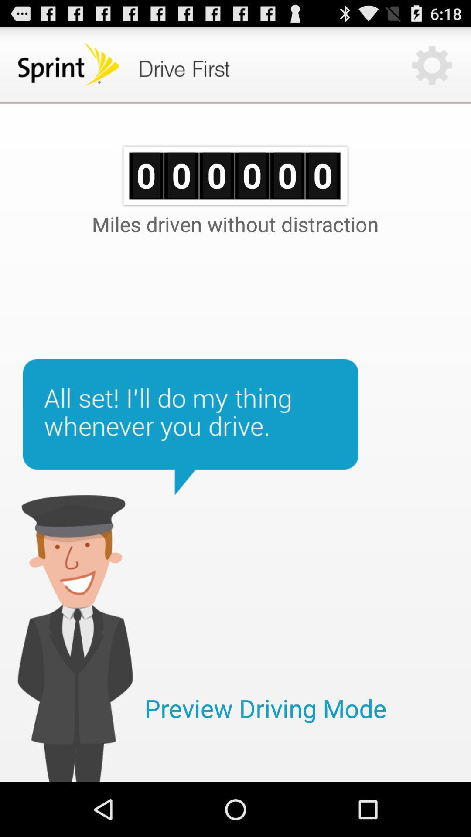  Describe the element at coordinates (432, 65) in the screenshot. I see `settings` at that location.